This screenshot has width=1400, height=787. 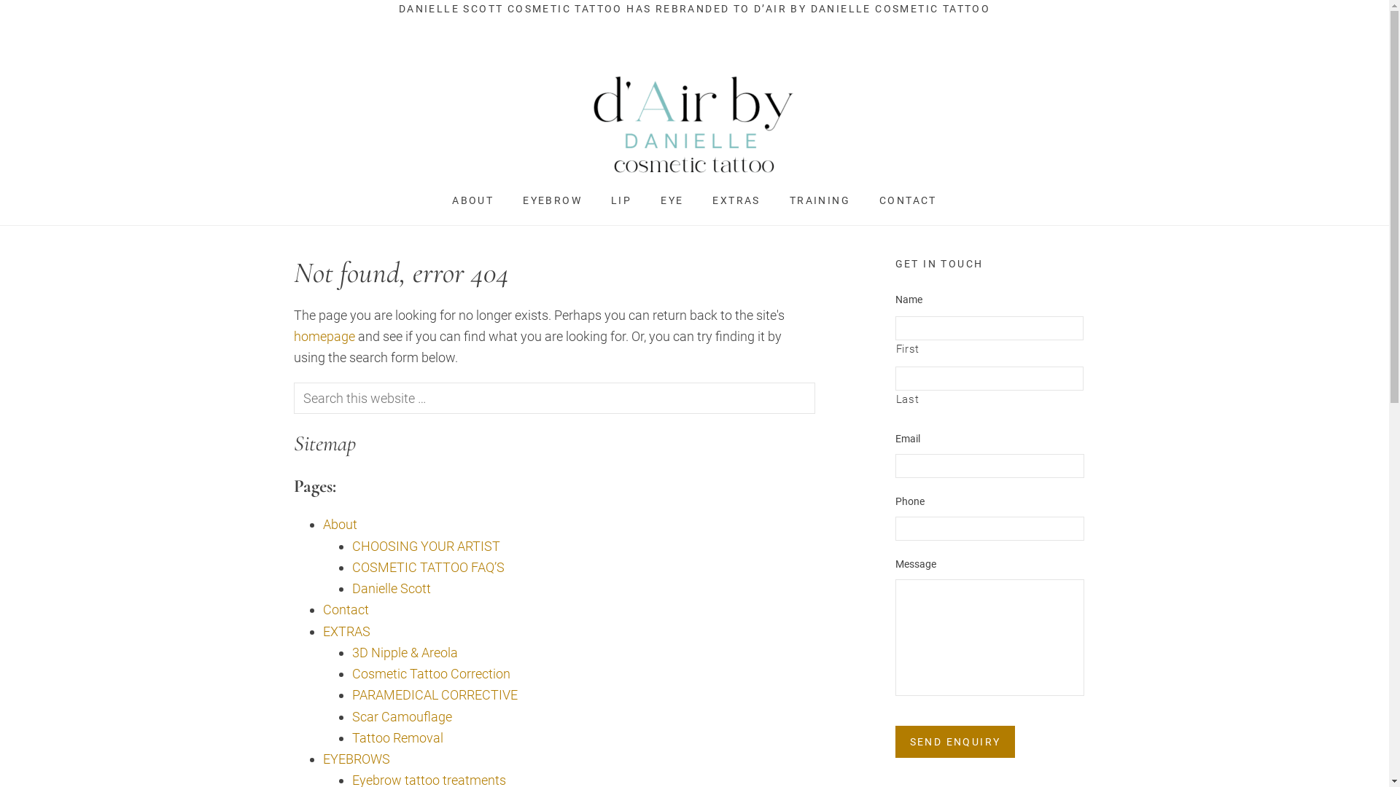 What do you see at coordinates (955, 742) in the screenshot?
I see `'Send enquiry'` at bounding box center [955, 742].